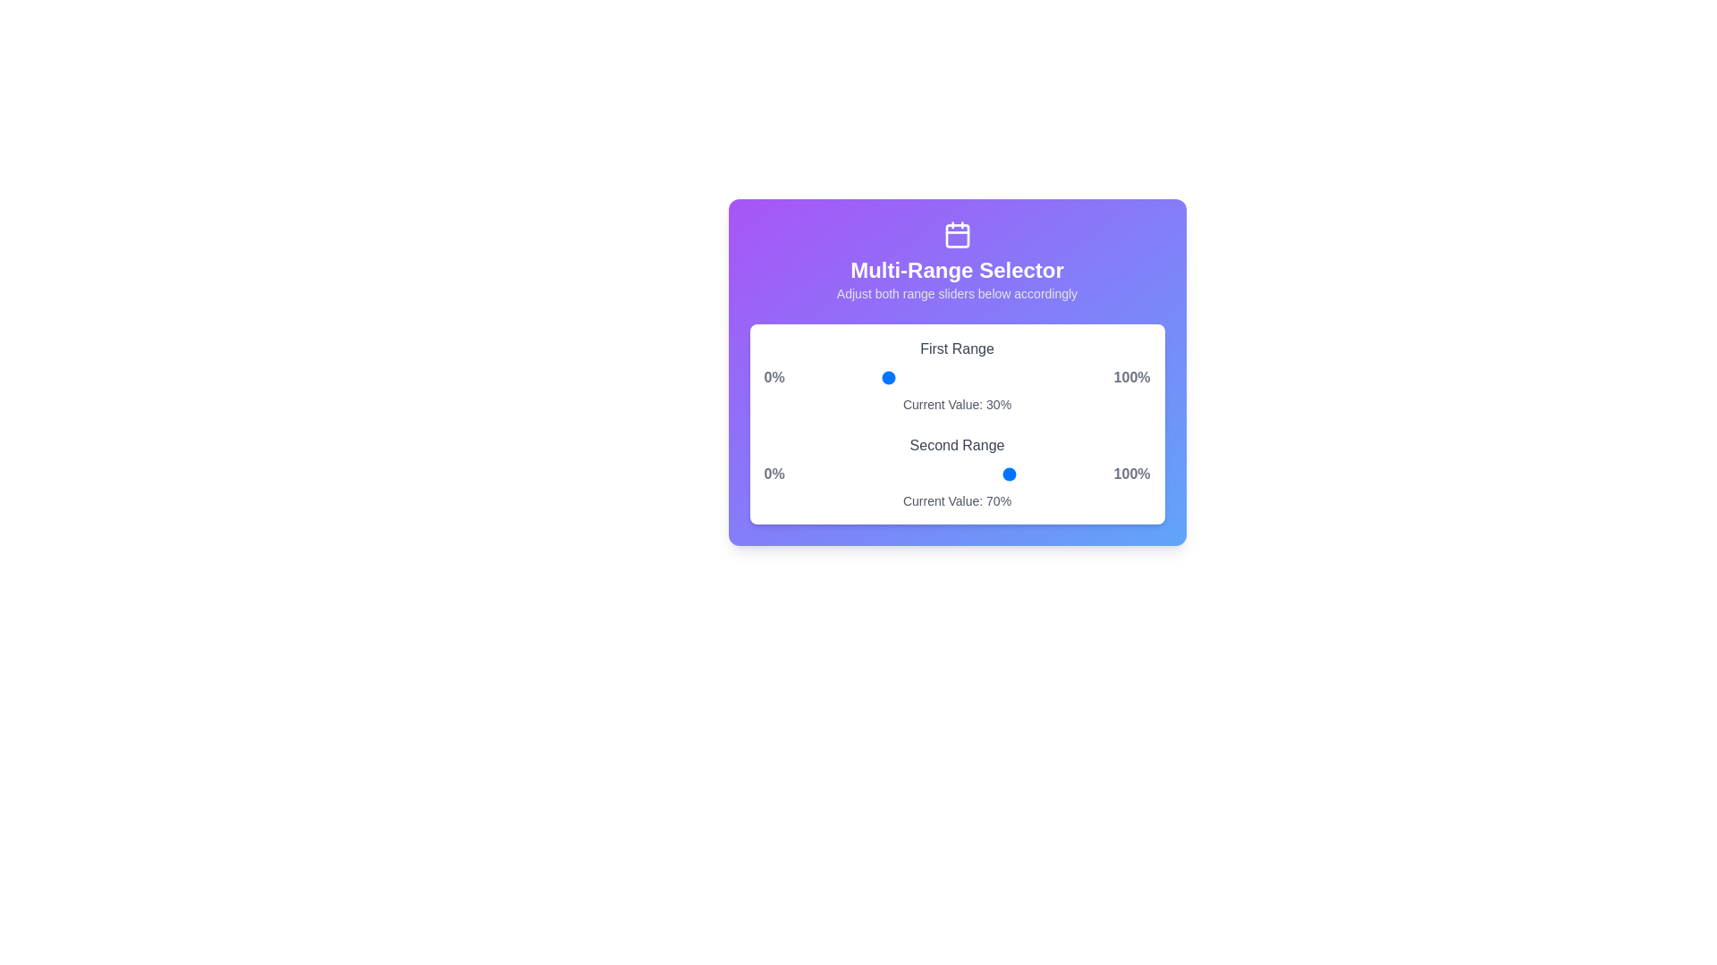 The image size is (1717, 965). Describe the element at coordinates (956, 404) in the screenshot. I see `the text label displaying 'Current Value: 30%' located directly below the slider for the 'First Range' section` at that location.